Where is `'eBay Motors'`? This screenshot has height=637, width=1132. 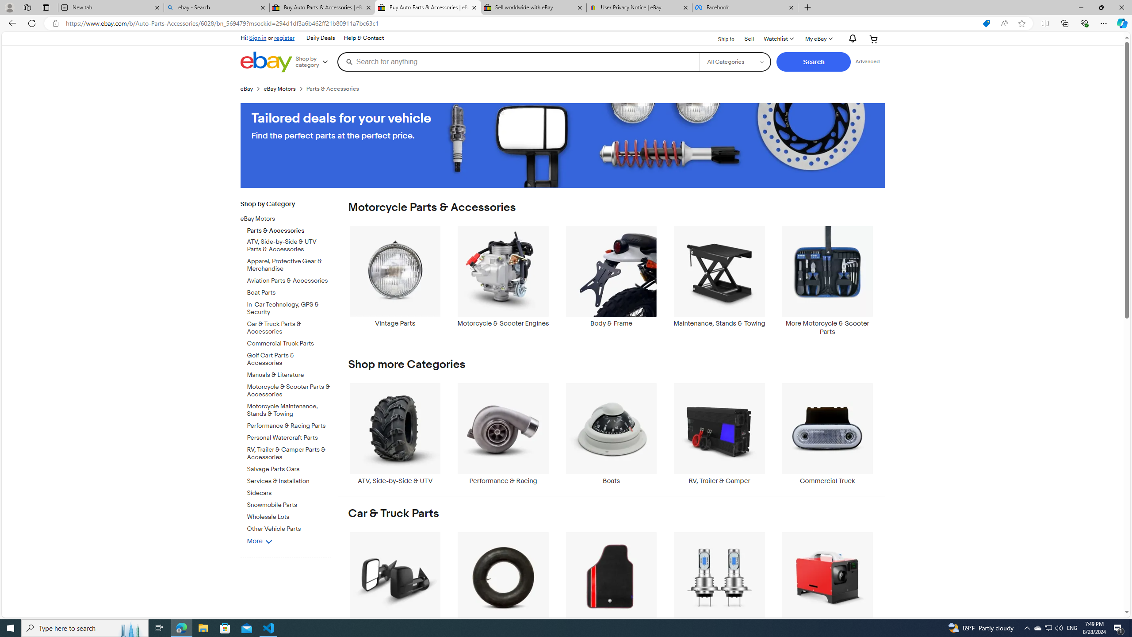
'eBay Motors' is located at coordinates (289, 217).